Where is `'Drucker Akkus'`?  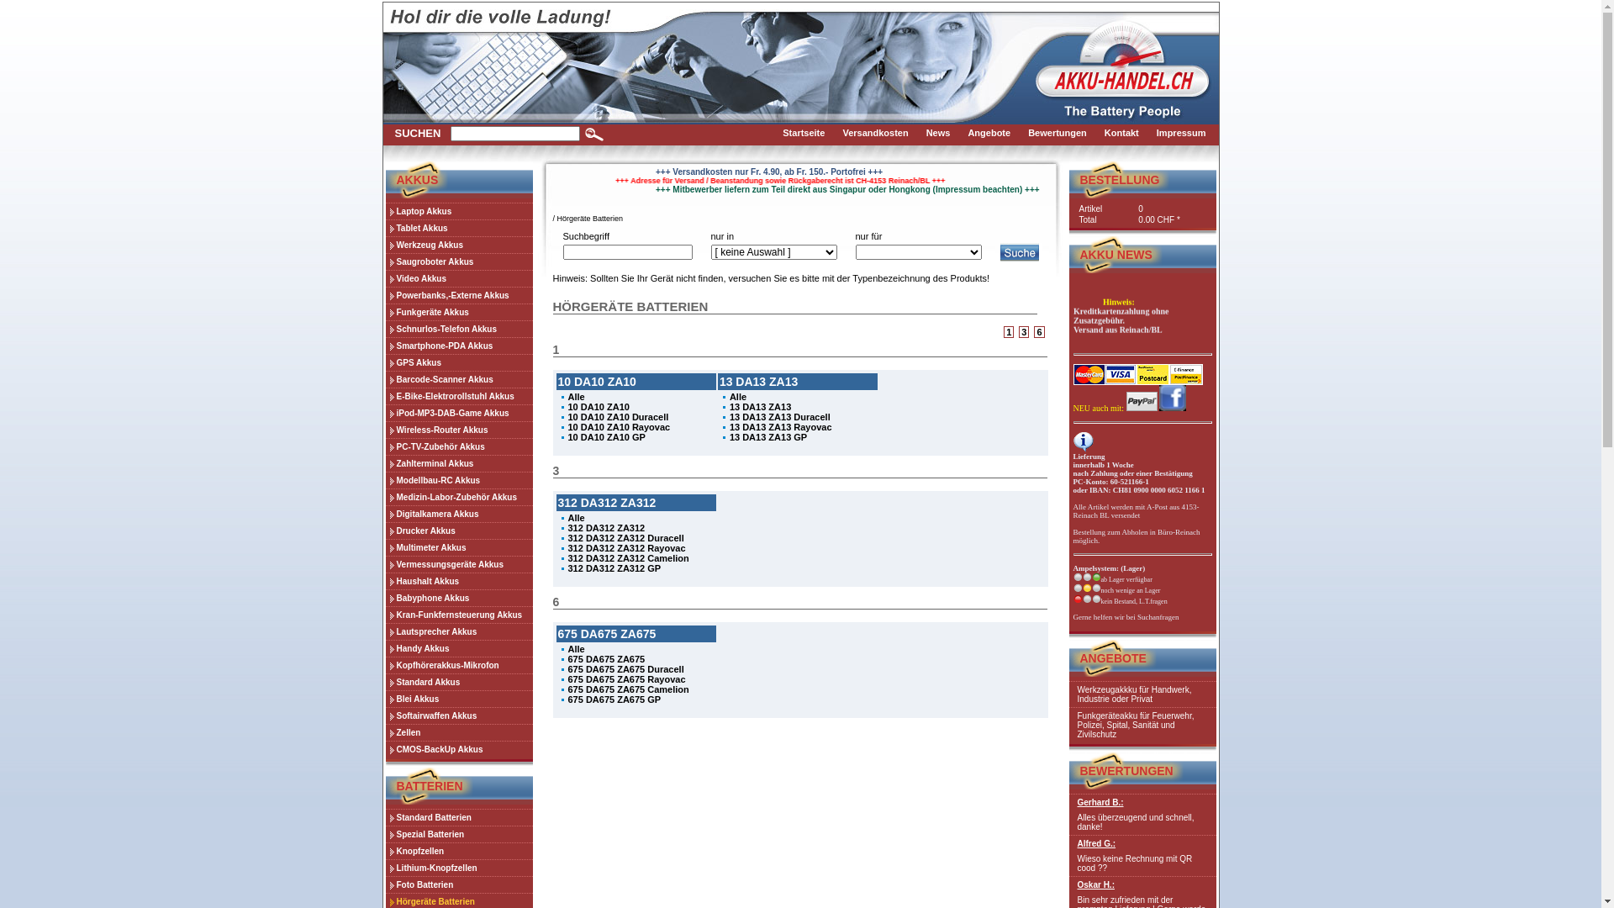
'Drucker Akkus' is located at coordinates (458, 531).